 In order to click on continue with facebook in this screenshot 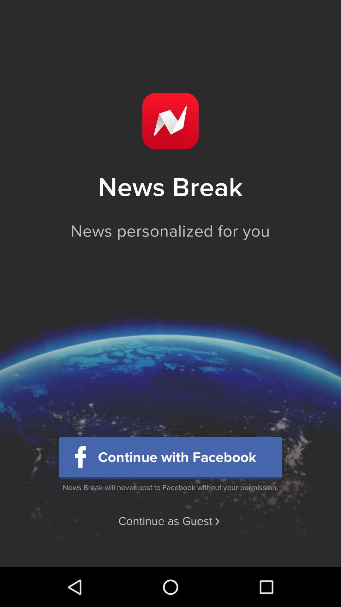, I will do `click(170, 458)`.